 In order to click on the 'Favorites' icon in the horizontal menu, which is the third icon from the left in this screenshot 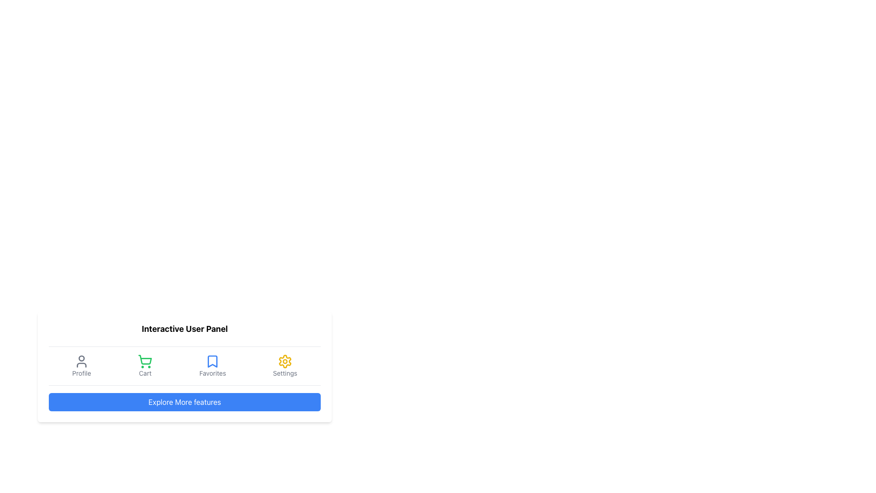, I will do `click(212, 361)`.